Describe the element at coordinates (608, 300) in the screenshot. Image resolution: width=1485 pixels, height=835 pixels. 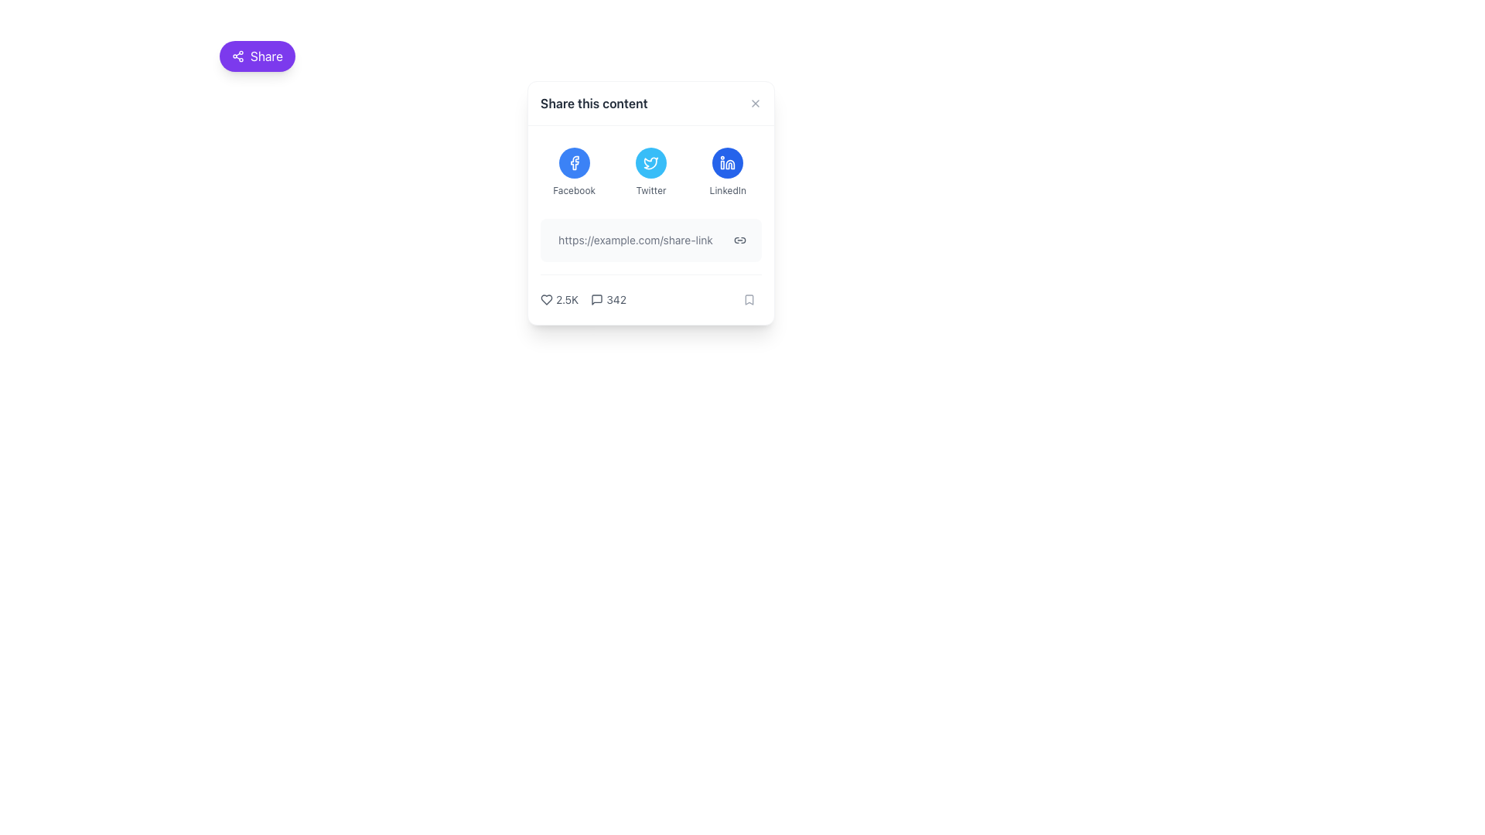
I see `the numeric text '342' displayed in gray color next to the speech bubble icon` at that location.